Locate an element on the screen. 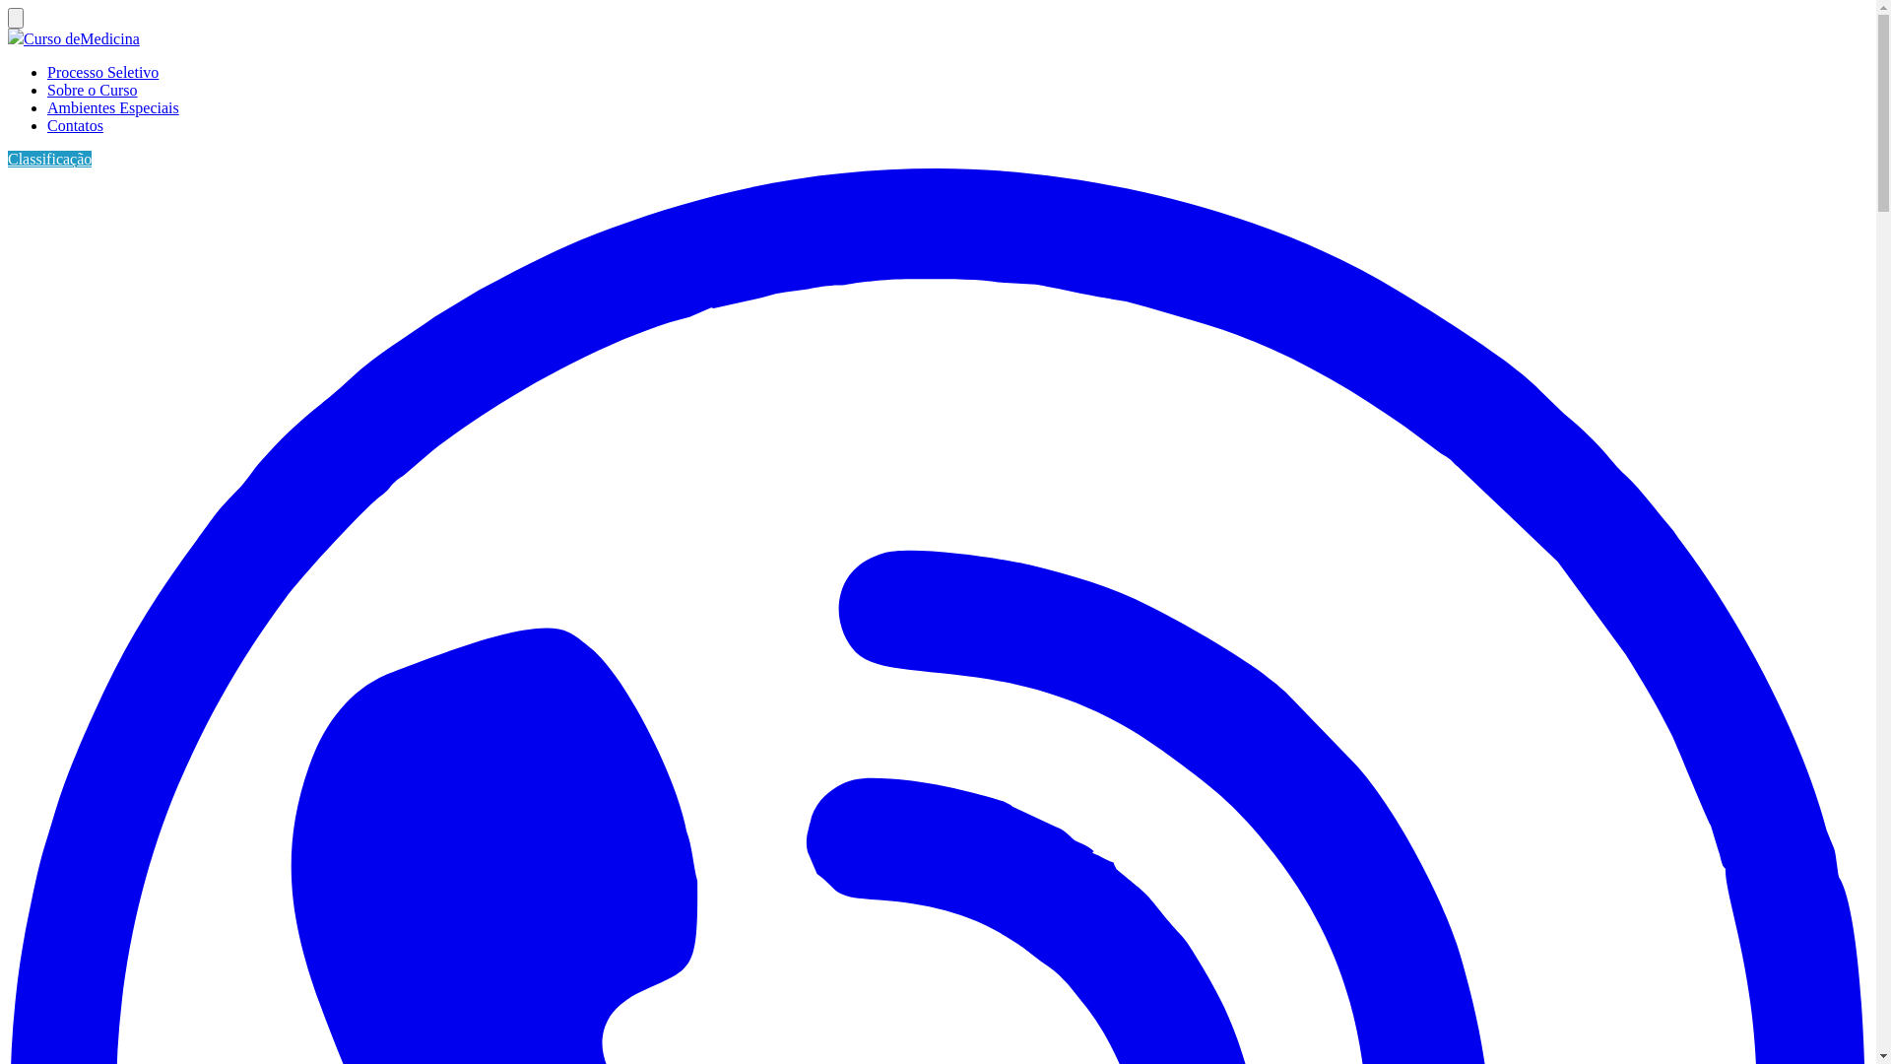  'Sobre o Curso' is located at coordinates (92, 90).